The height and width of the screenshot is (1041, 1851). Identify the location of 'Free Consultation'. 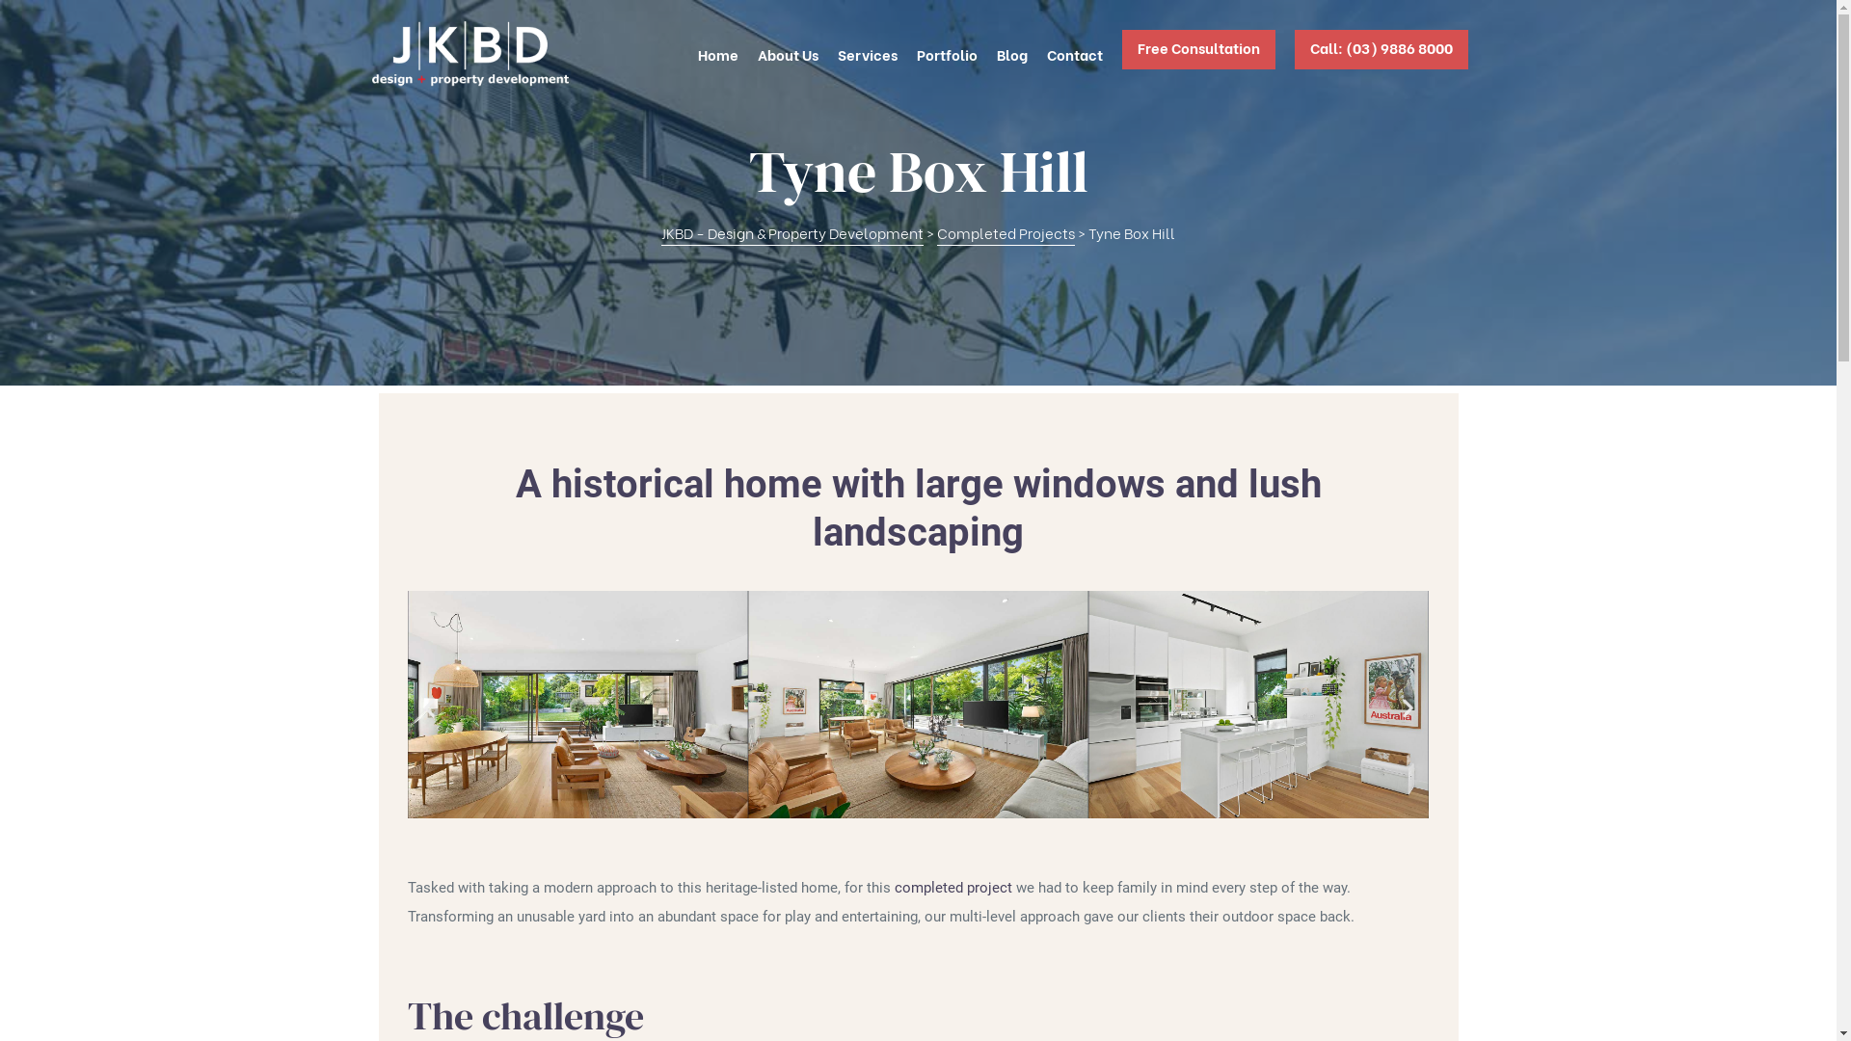
(1197, 53).